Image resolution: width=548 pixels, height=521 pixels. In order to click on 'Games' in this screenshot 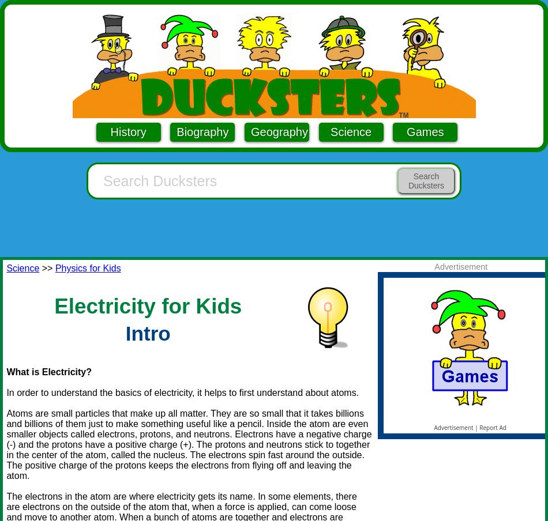, I will do `click(406, 131)`.